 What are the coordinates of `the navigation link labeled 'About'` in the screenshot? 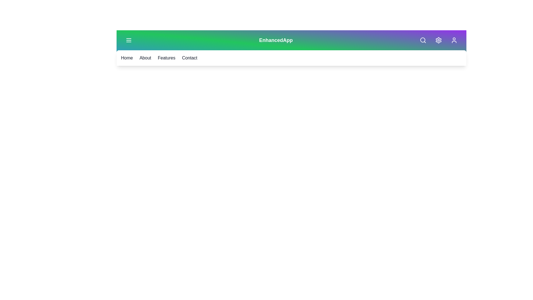 It's located at (145, 58).